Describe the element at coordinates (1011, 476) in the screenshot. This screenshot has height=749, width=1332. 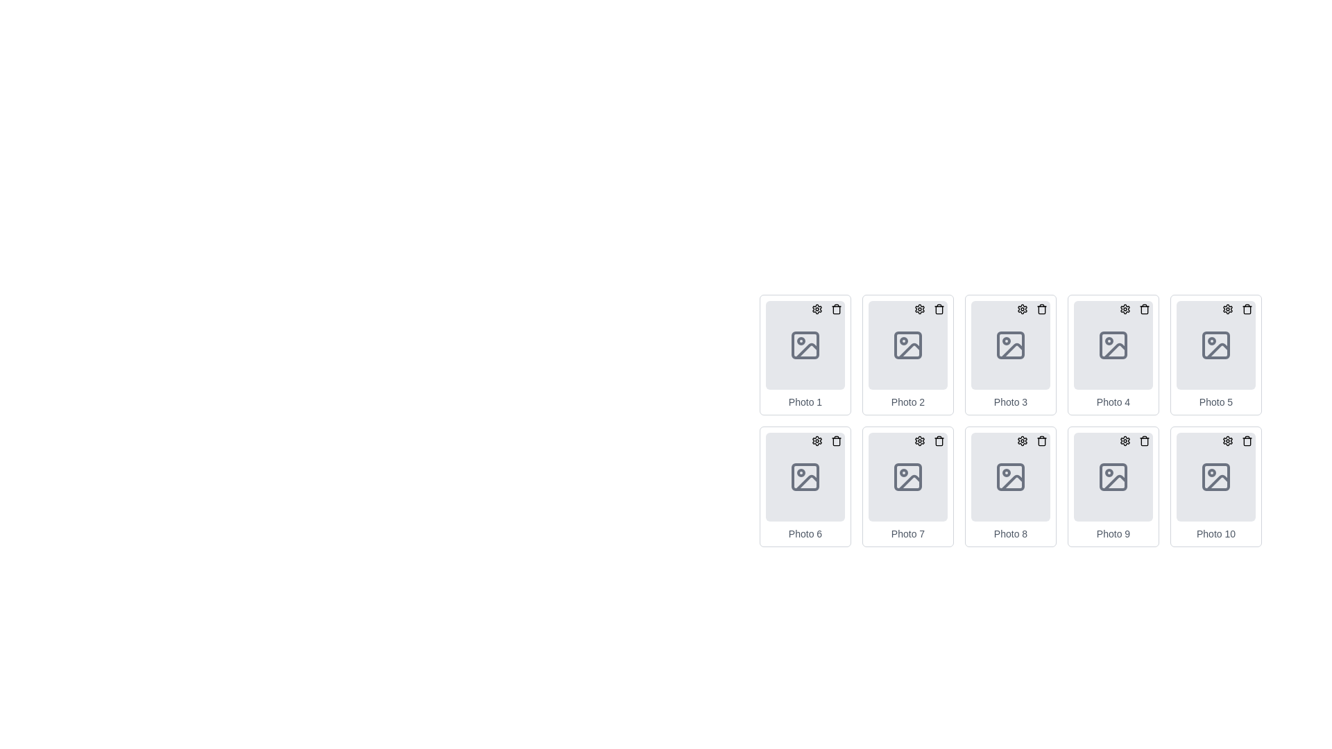
I see `an image onto the Image Placeholder labeled 'Photo 8' located in the second row, third column of the grid` at that location.